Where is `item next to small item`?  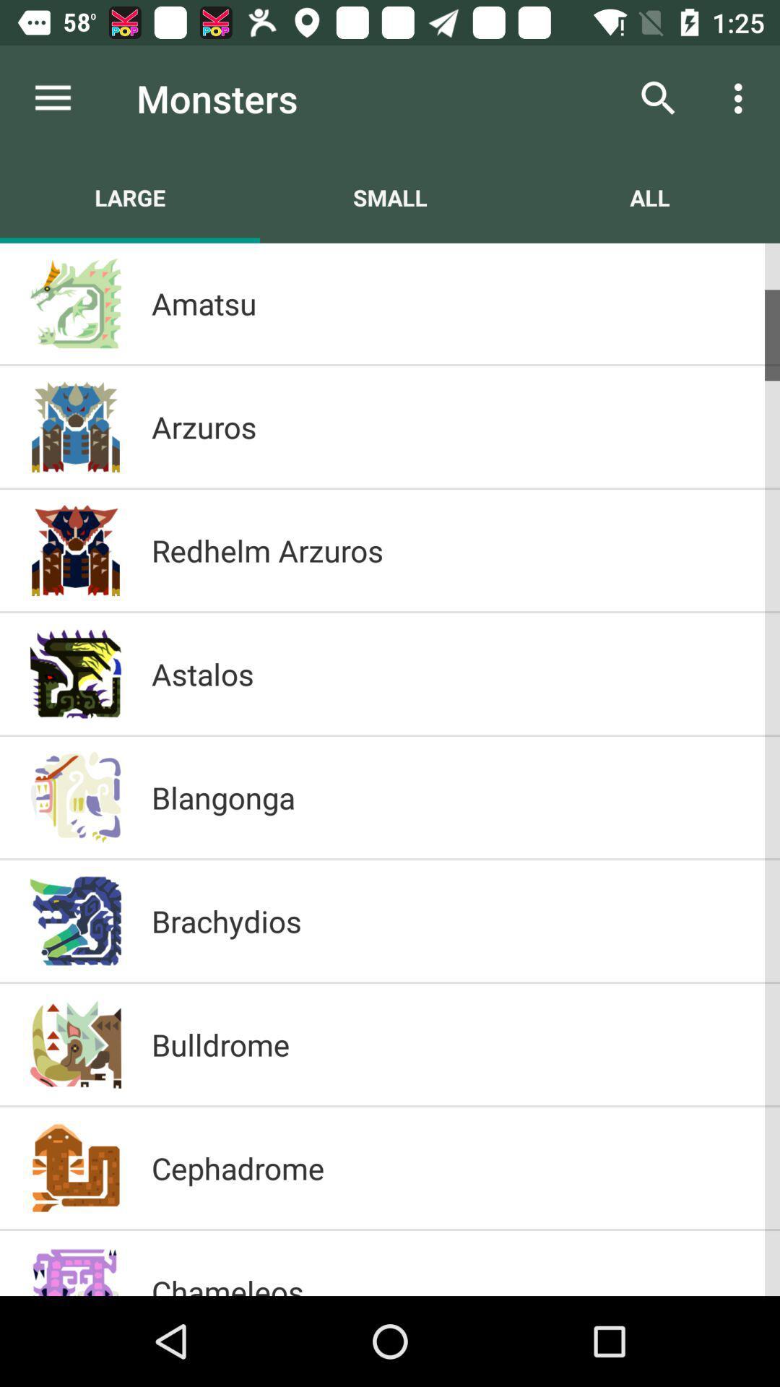
item next to small item is located at coordinates (130, 196).